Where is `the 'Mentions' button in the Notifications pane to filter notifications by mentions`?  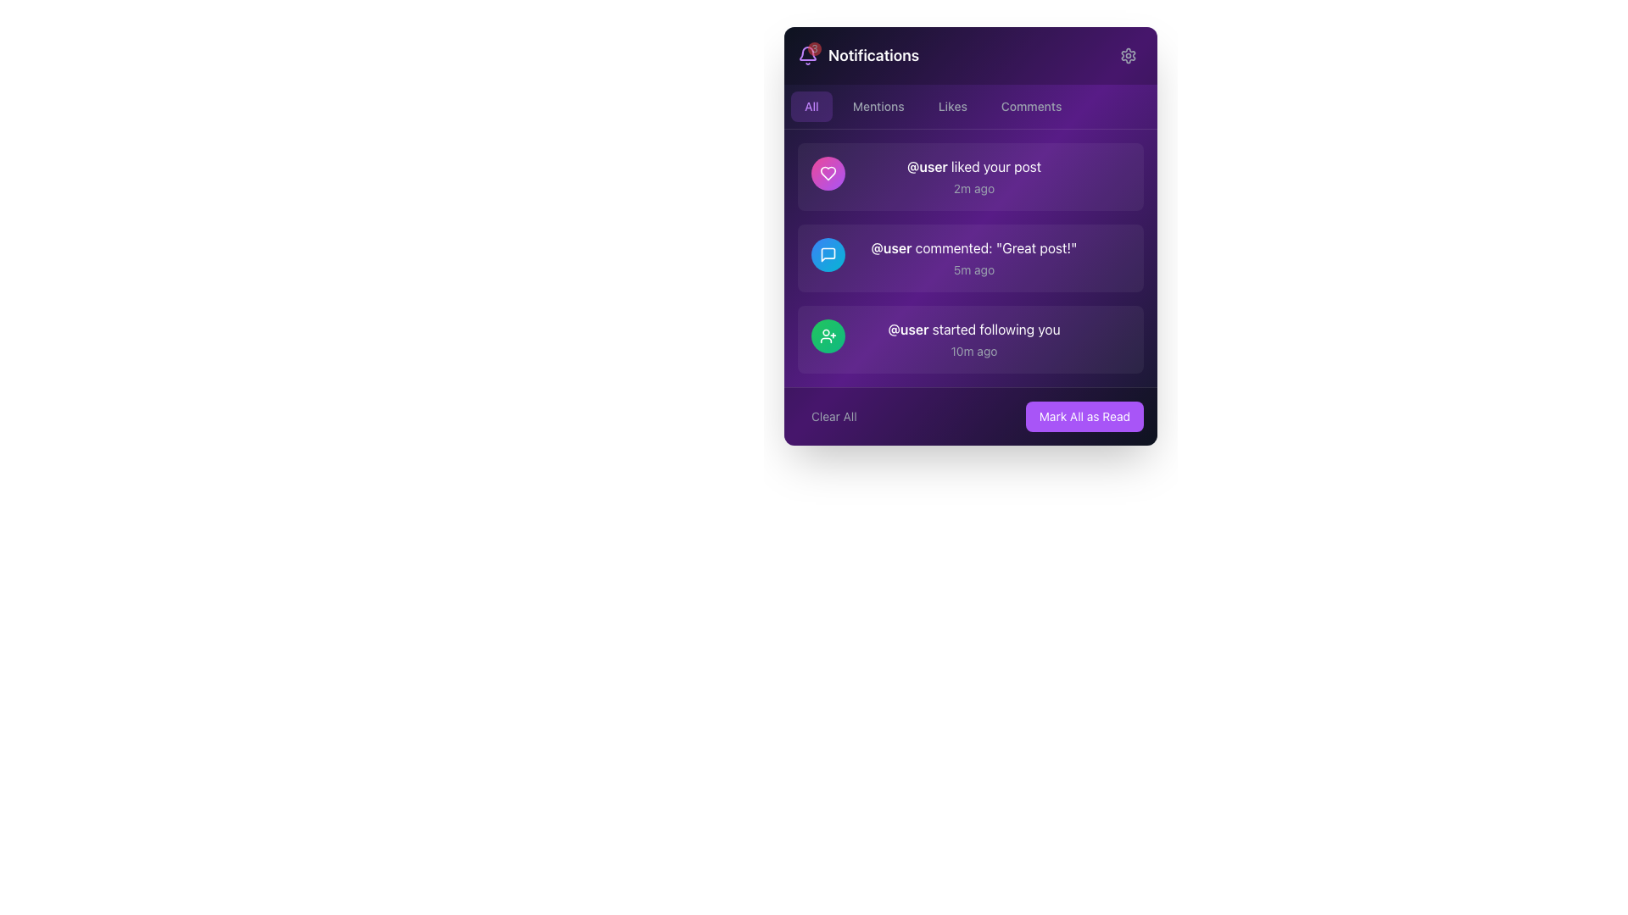 the 'Mentions' button in the Notifications pane to filter notifications by mentions is located at coordinates (878, 107).